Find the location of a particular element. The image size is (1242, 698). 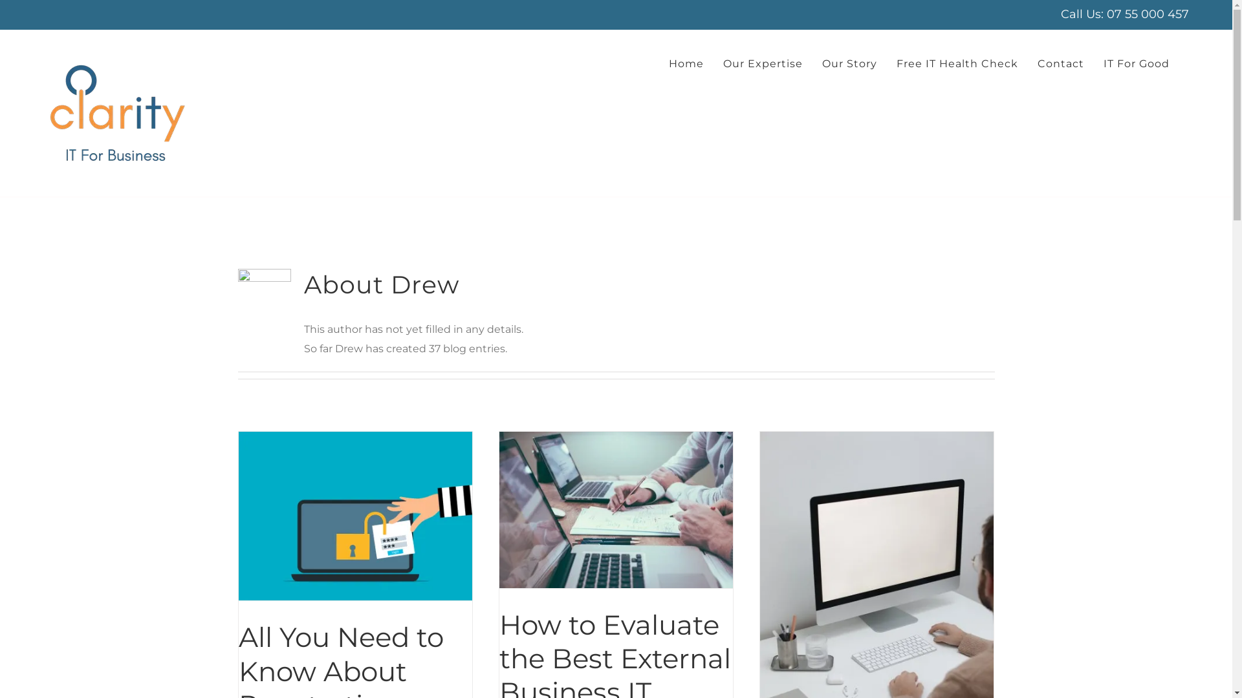

'Our Story' is located at coordinates (822, 64).